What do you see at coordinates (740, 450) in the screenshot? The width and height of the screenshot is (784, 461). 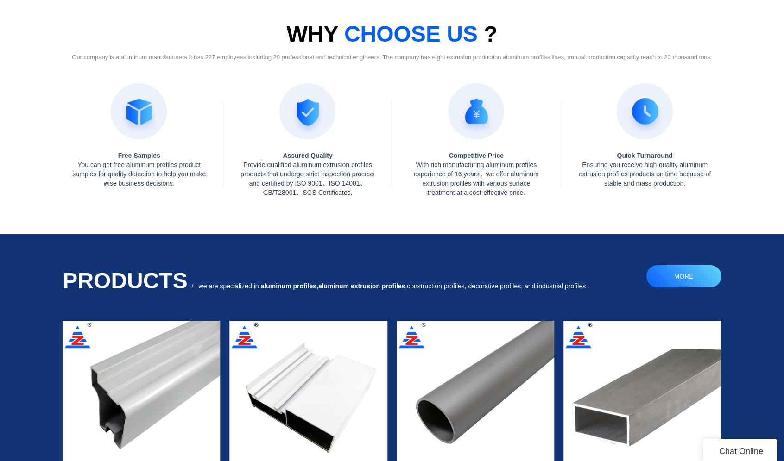 I see `'Chat Online'` at bounding box center [740, 450].